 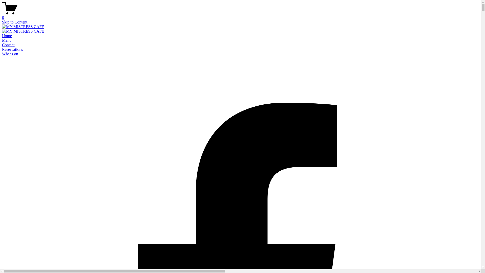 What do you see at coordinates (14, 22) in the screenshot?
I see `'Skip to Content'` at bounding box center [14, 22].